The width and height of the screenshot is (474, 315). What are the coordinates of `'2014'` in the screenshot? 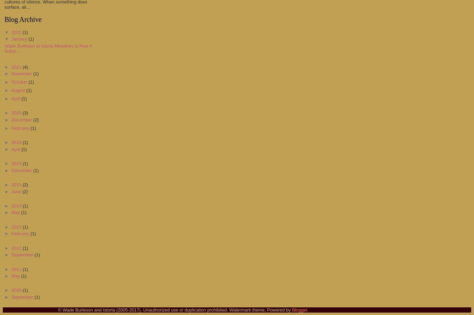 It's located at (17, 205).